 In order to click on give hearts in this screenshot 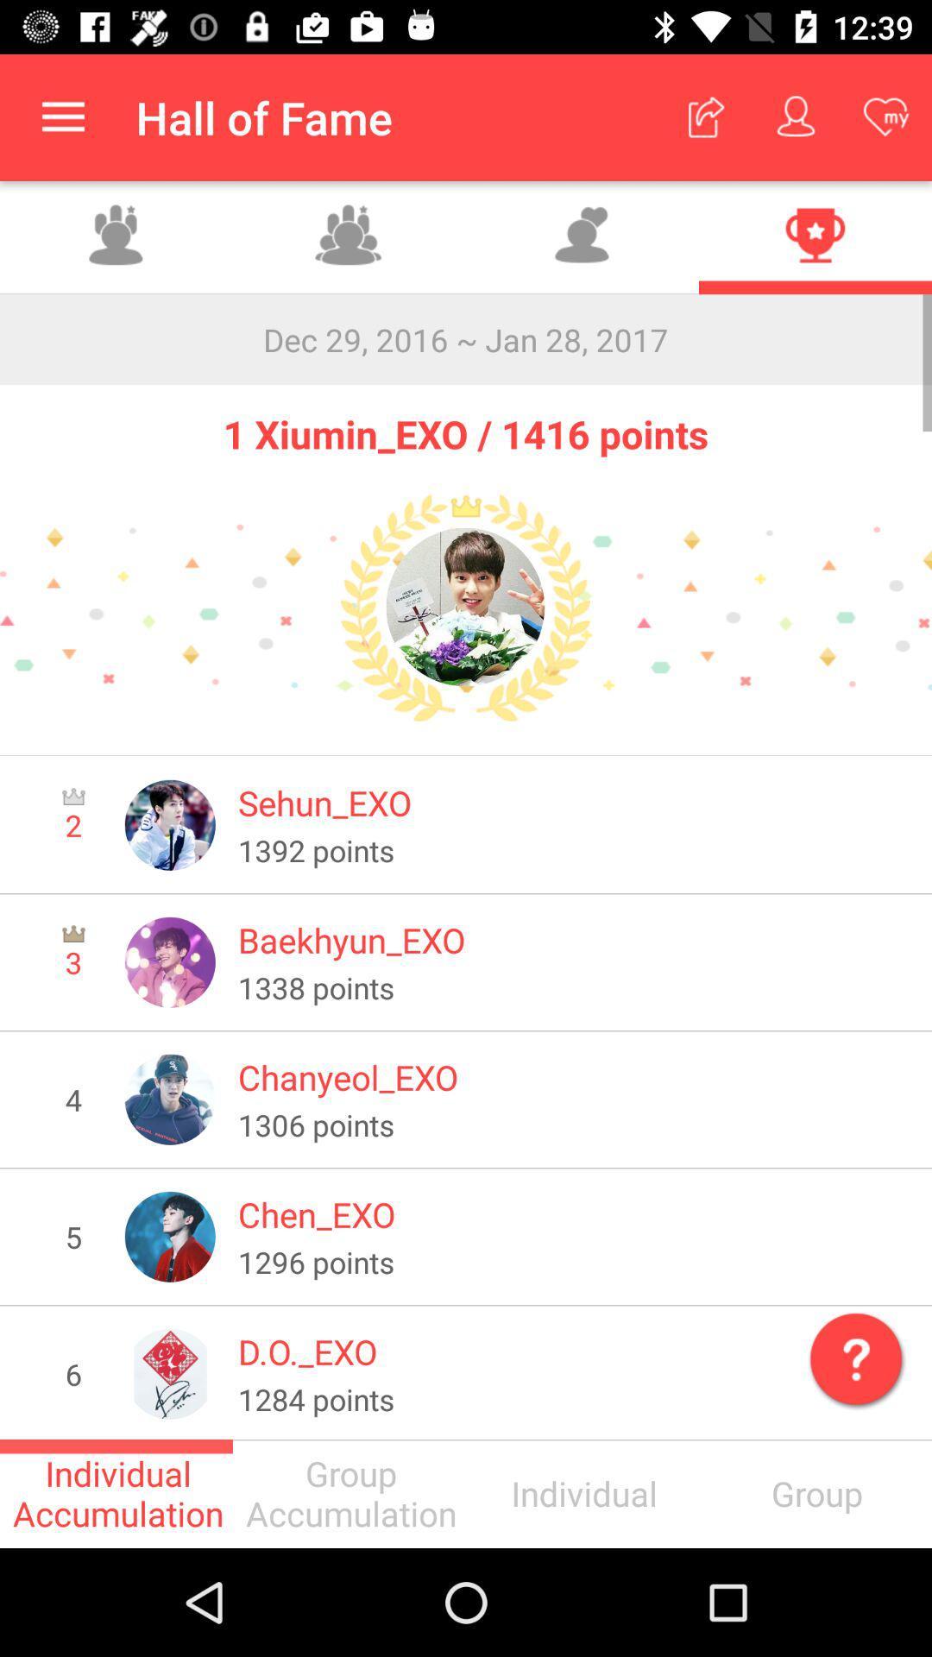, I will do `click(582, 236)`.